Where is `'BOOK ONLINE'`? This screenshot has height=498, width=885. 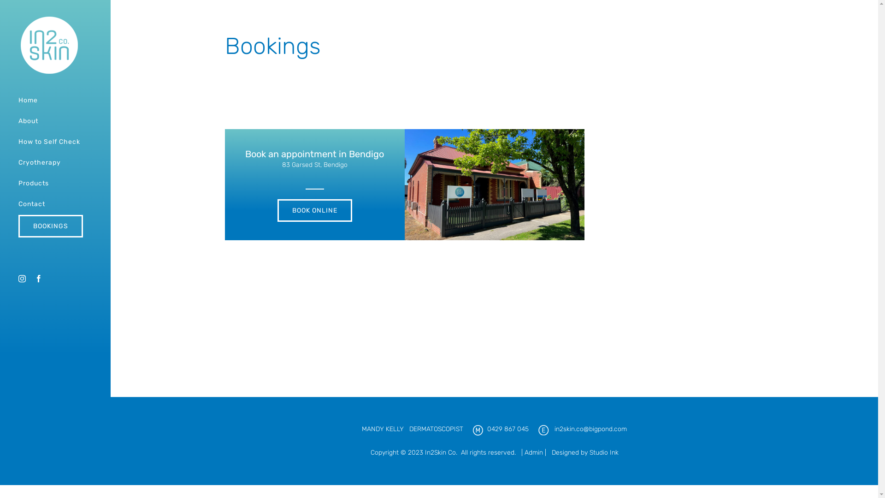 'BOOK ONLINE' is located at coordinates (314, 210).